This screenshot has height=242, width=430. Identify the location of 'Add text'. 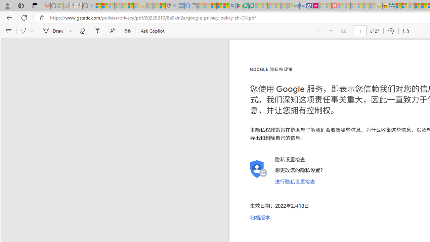
(97, 31).